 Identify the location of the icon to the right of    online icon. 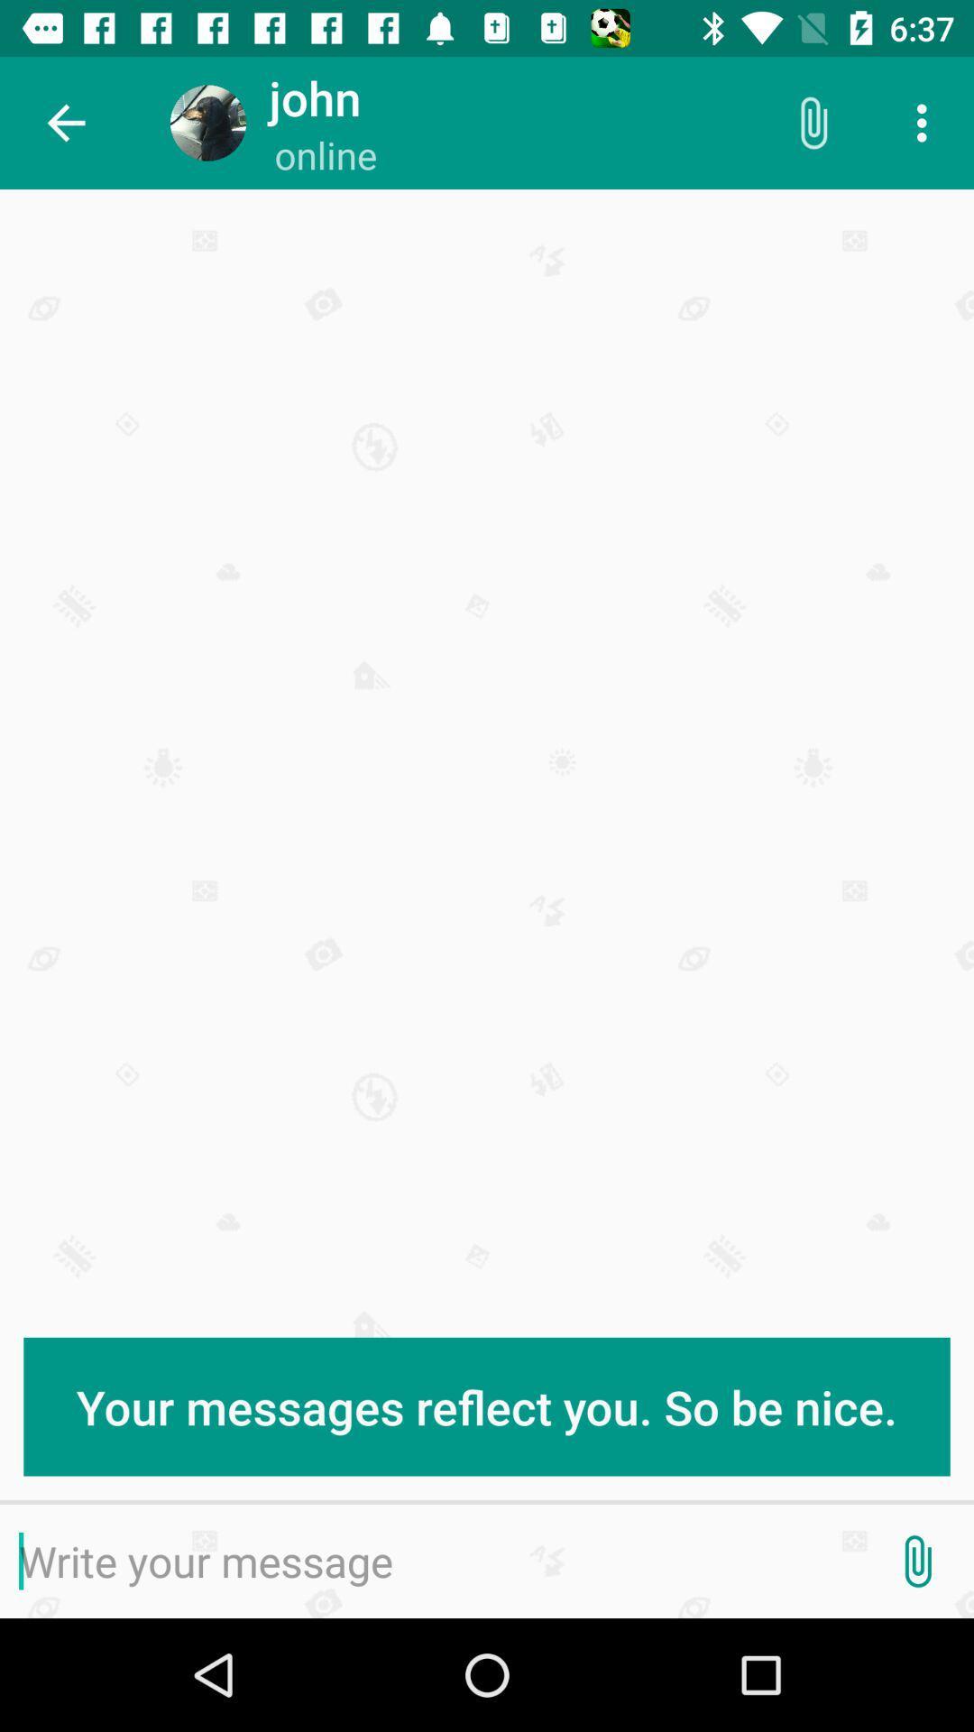
(813, 122).